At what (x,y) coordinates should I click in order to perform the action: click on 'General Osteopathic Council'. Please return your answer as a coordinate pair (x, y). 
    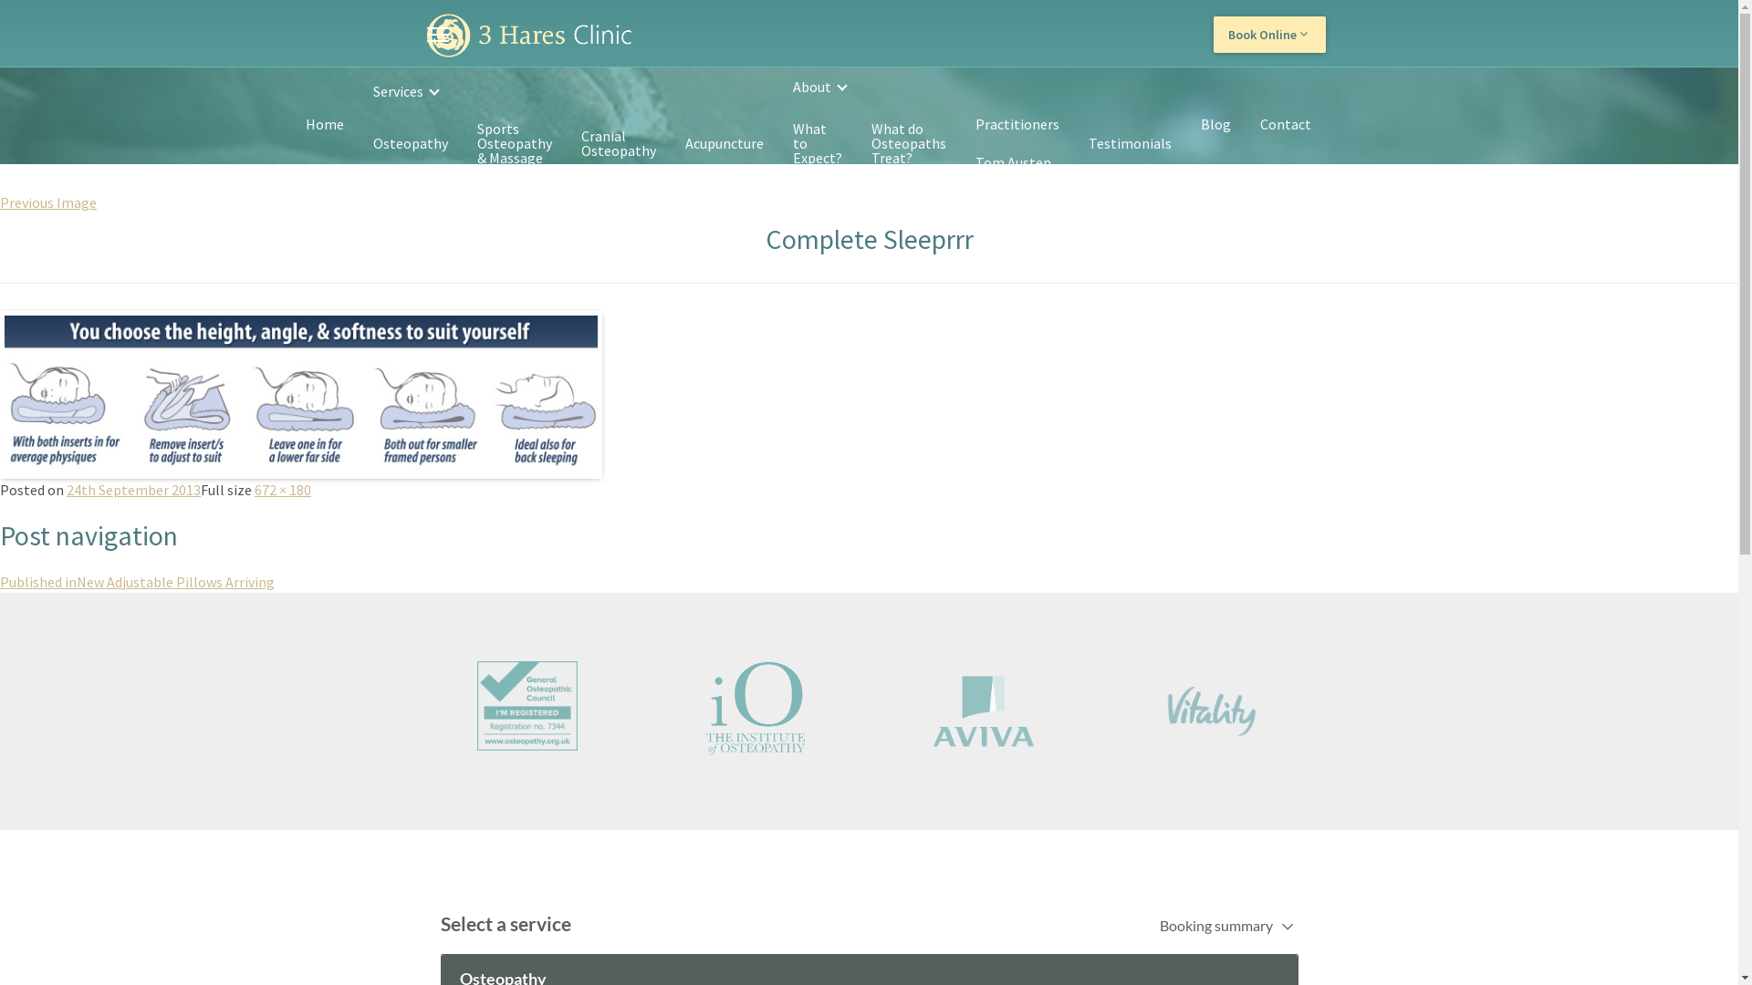
    Looking at the image, I should click on (526, 705).